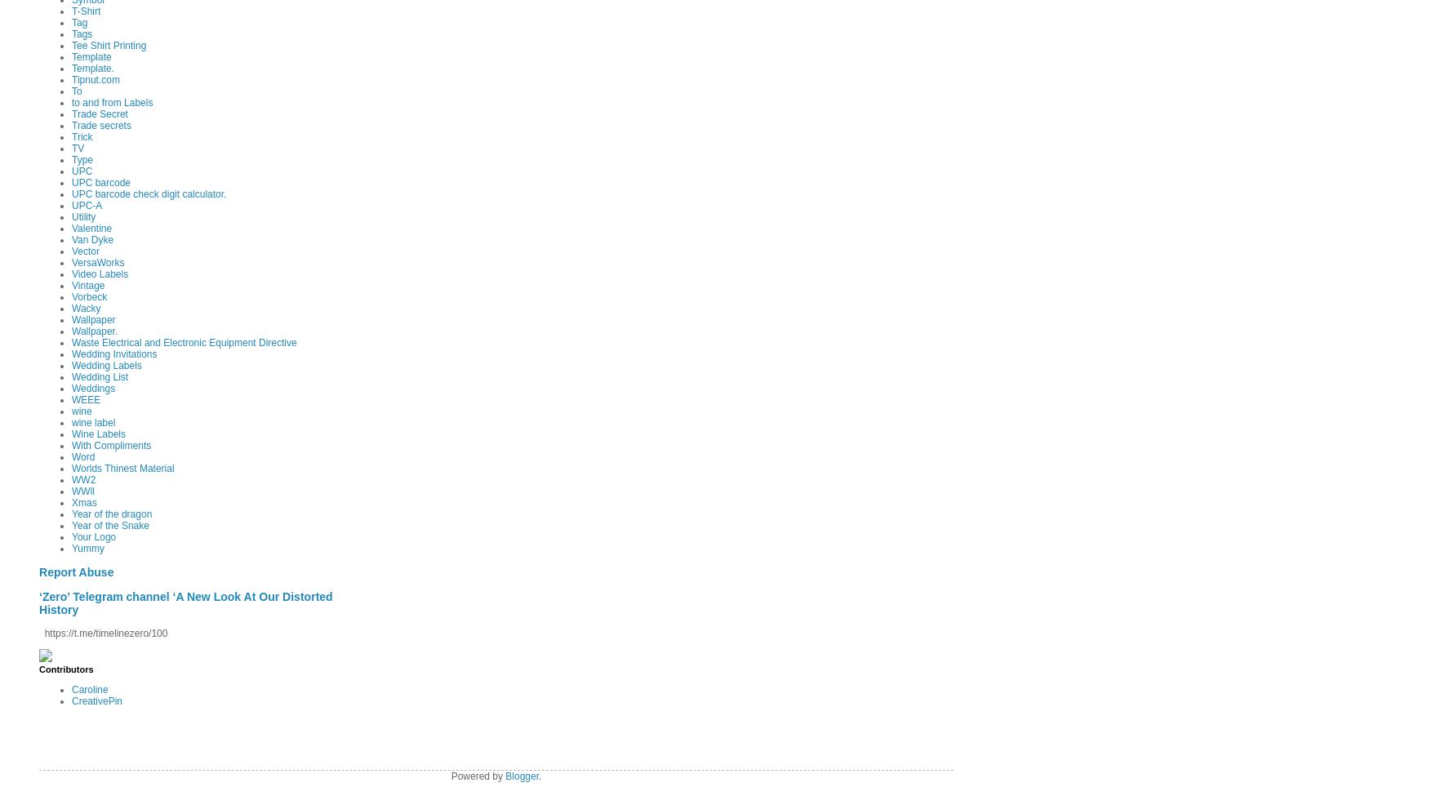 The image size is (1432, 796). Describe the element at coordinates (77, 146) in the screenshot. I see `'TV'` at that location.